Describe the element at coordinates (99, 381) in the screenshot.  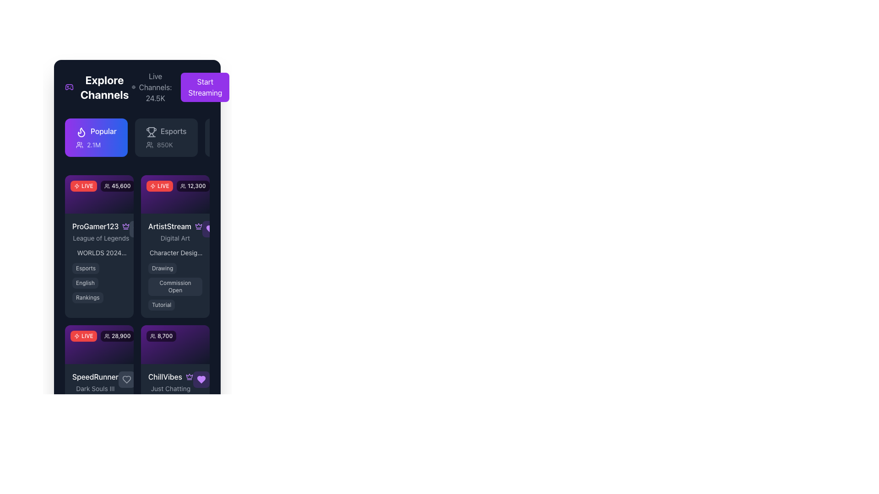
I see `the 'SpeedRunner' item, which displays 'SpeedRunner' in bold white font and 'Dark Souls III' in smaller gray font` at that location.